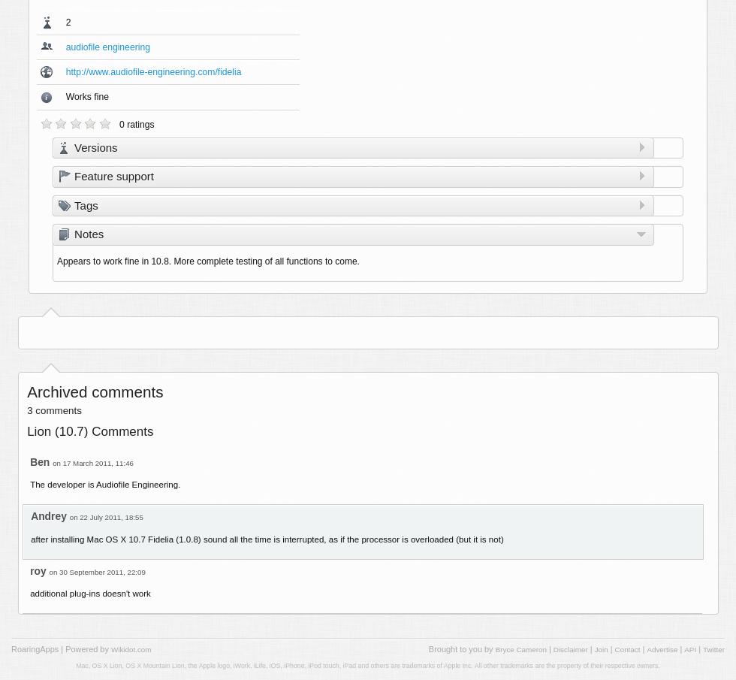 This screenshot has width=736, height=680. I want to click on 'Notes', so click(89, 233).